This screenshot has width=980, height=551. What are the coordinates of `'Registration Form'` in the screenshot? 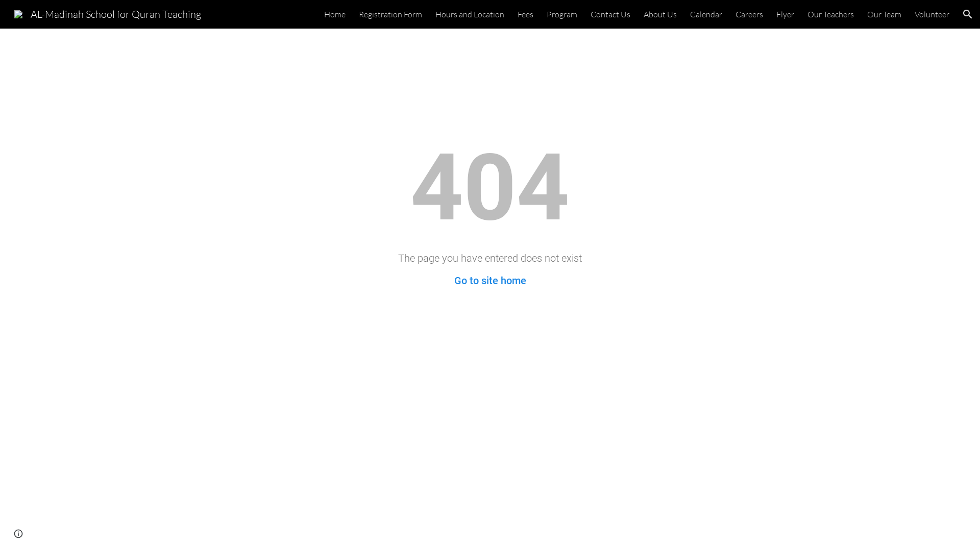 It's located at (389, 14).